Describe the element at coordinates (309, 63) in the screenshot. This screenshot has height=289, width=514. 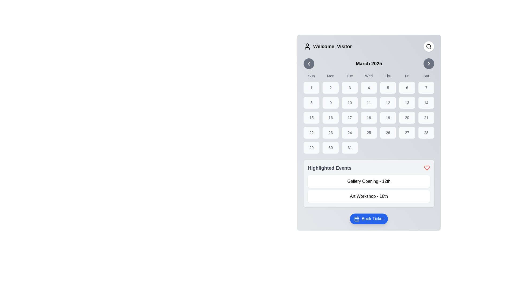
I see `the chevron icon` at that location.